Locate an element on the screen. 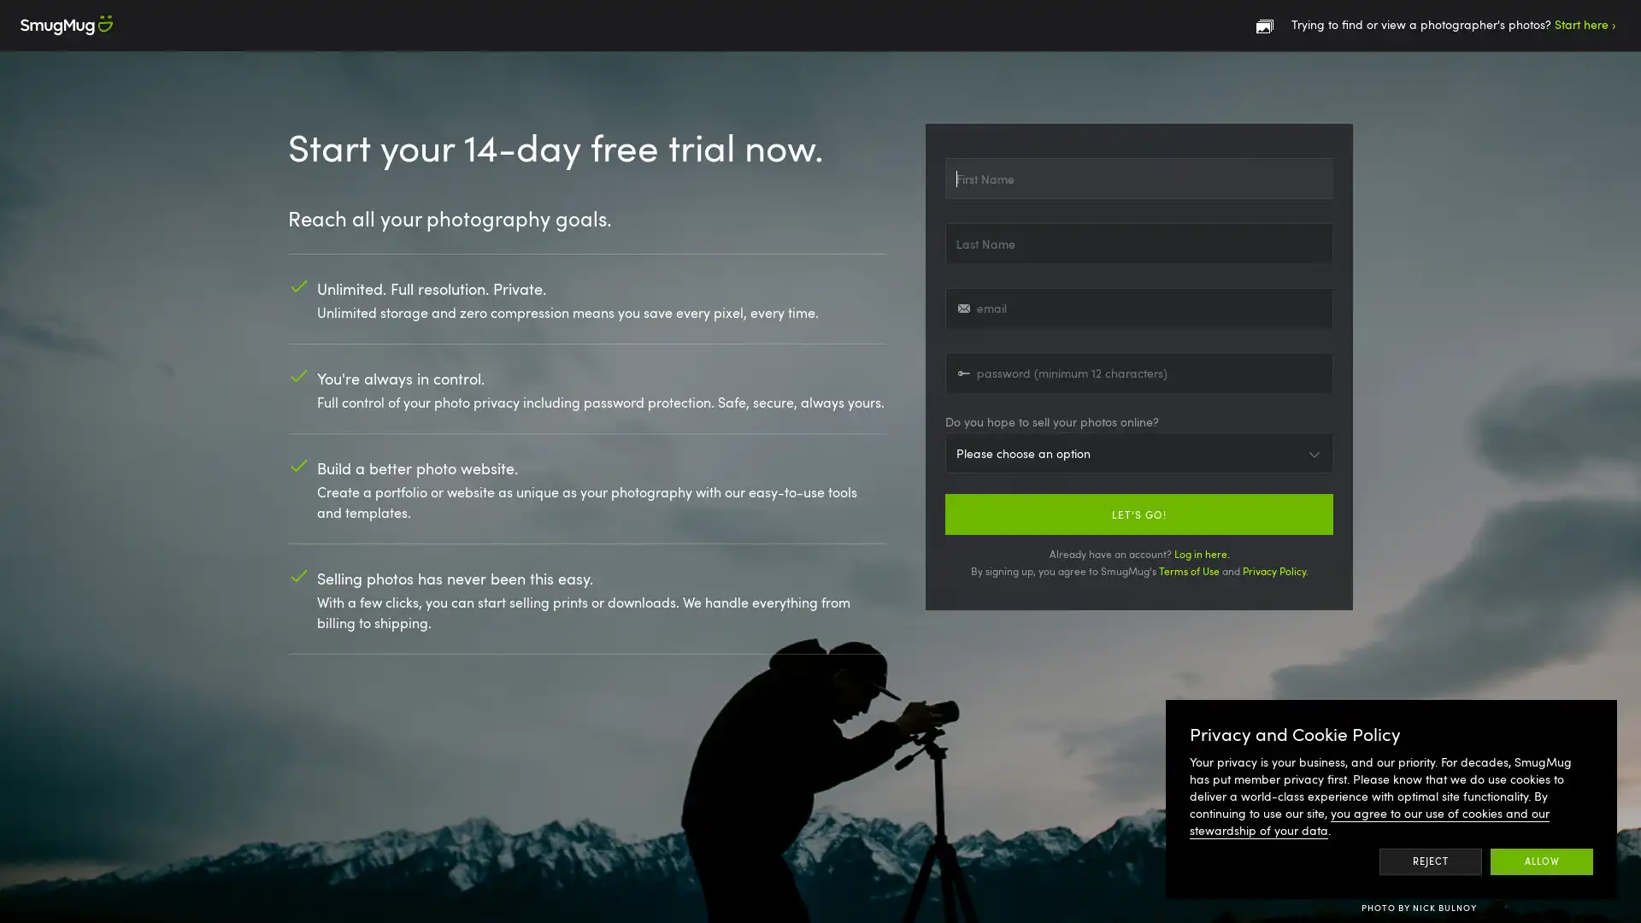 The height and width of the screenshot is (923, 1641). ALLOW is located at coordinates (1542, 861).